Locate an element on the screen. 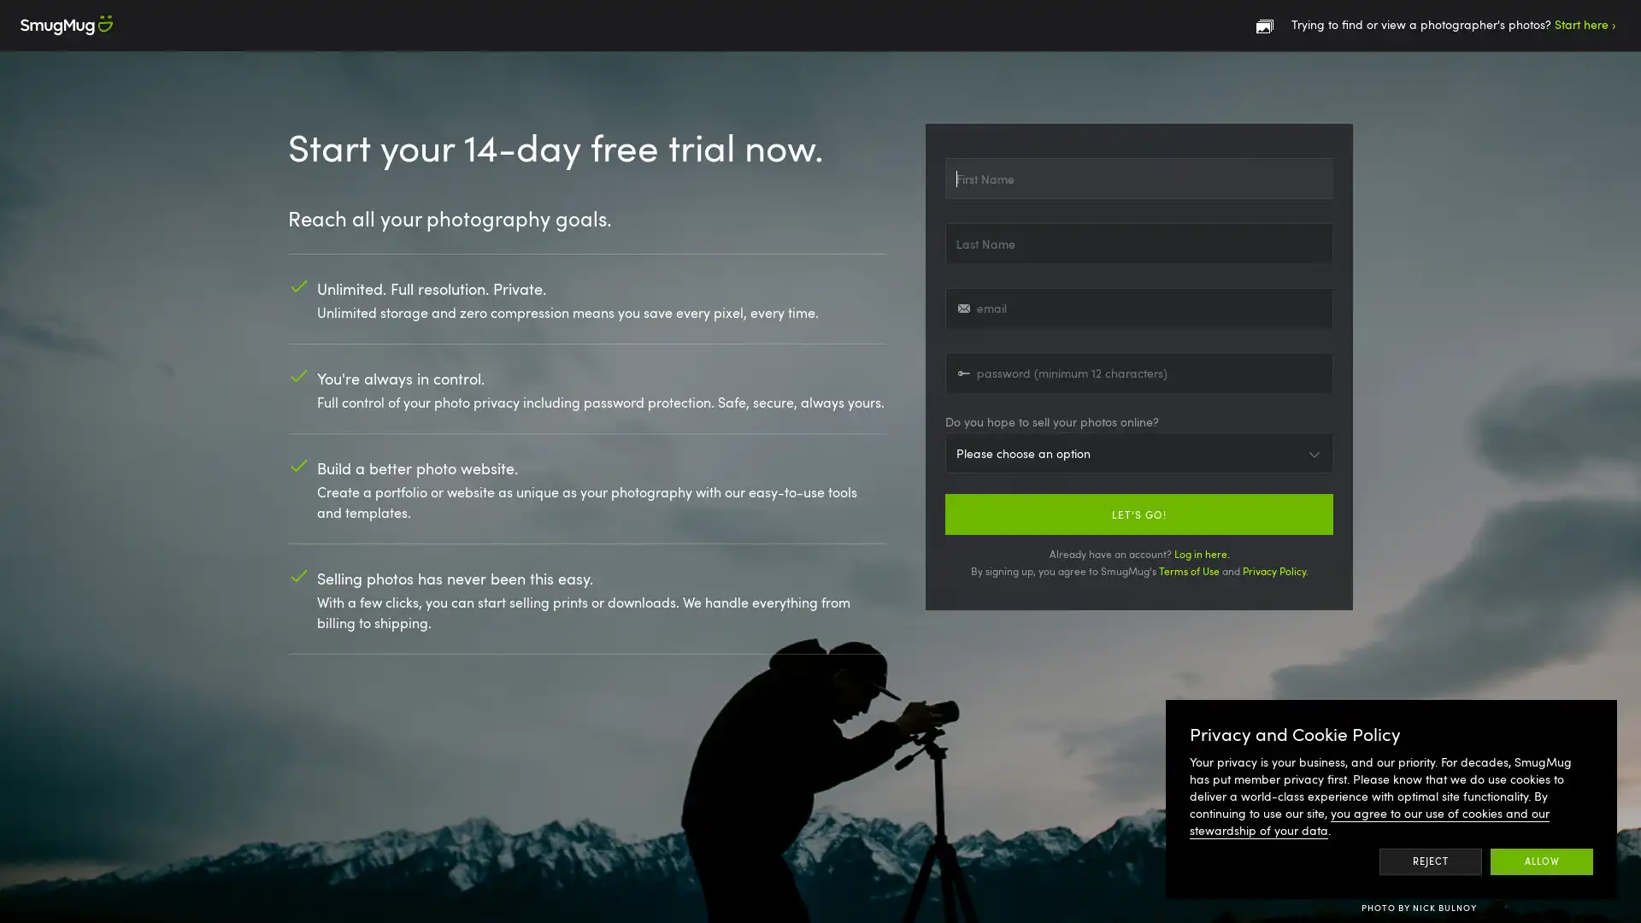 The height and width of the screenshot is (923, 1641). ALLOW is located at coordinates (1542, 861).